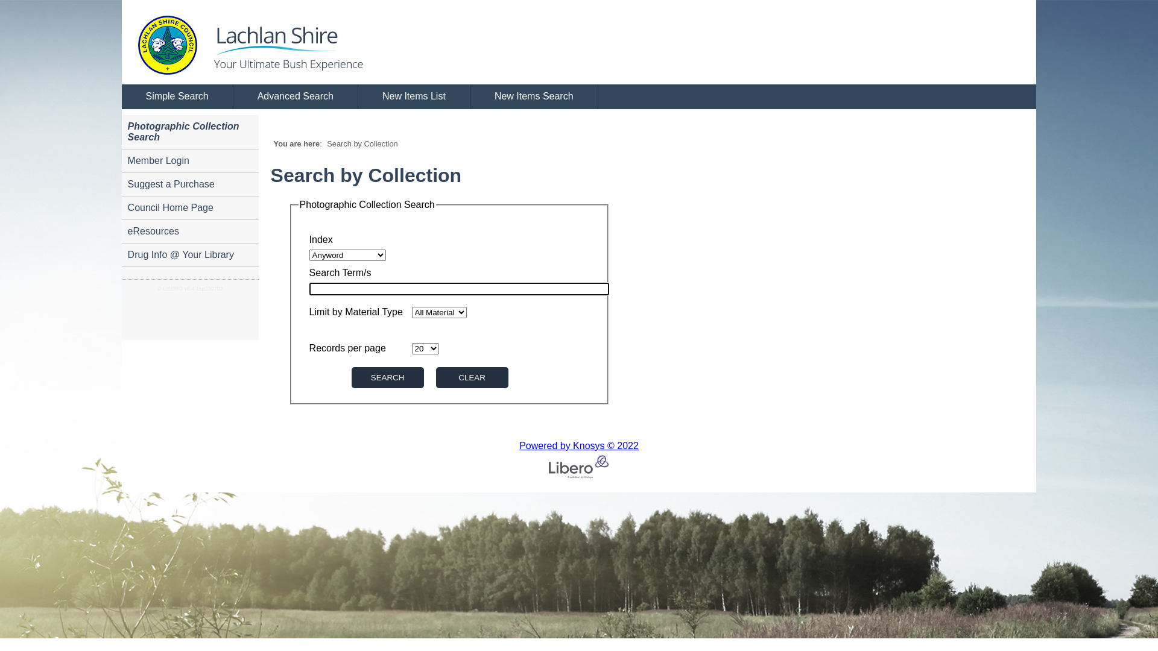  What do you see at coordinates (177, 96) in the screenshot?
I see `'Simple Search'` at bounding box center [177, 96].